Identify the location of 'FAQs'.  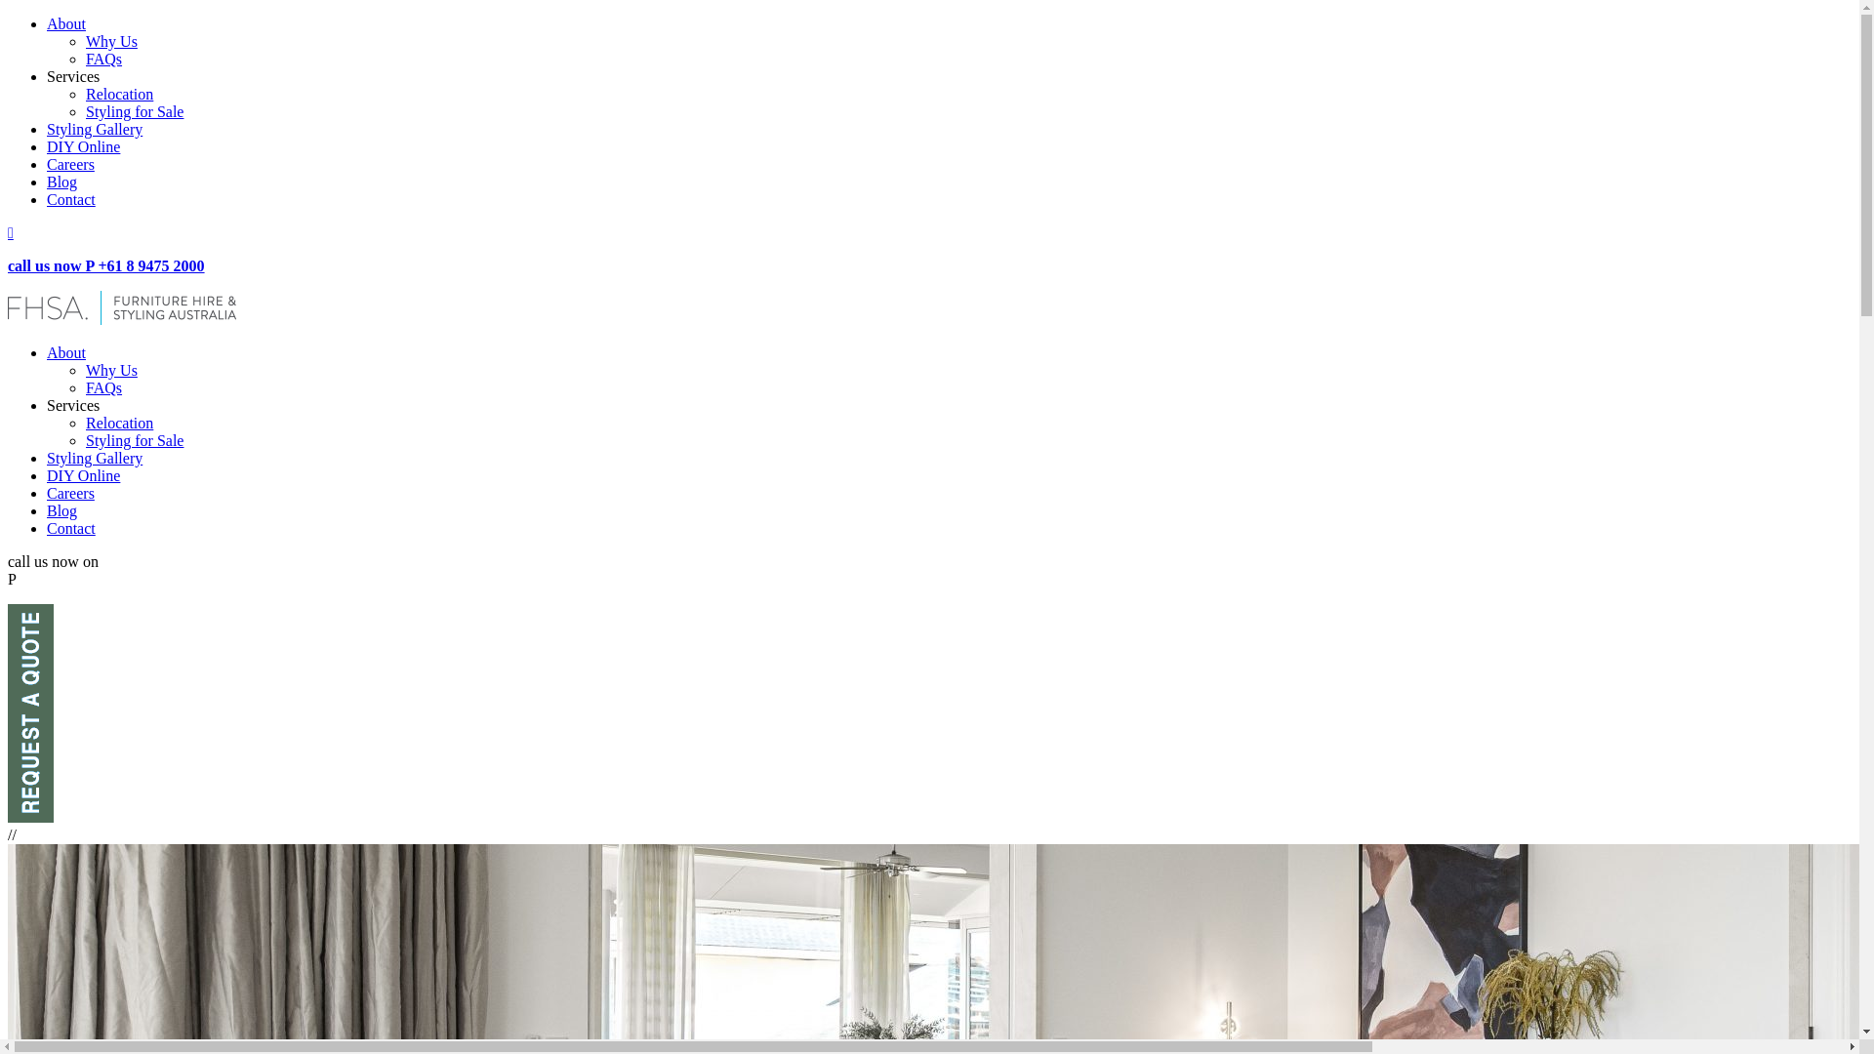
(102, 58).